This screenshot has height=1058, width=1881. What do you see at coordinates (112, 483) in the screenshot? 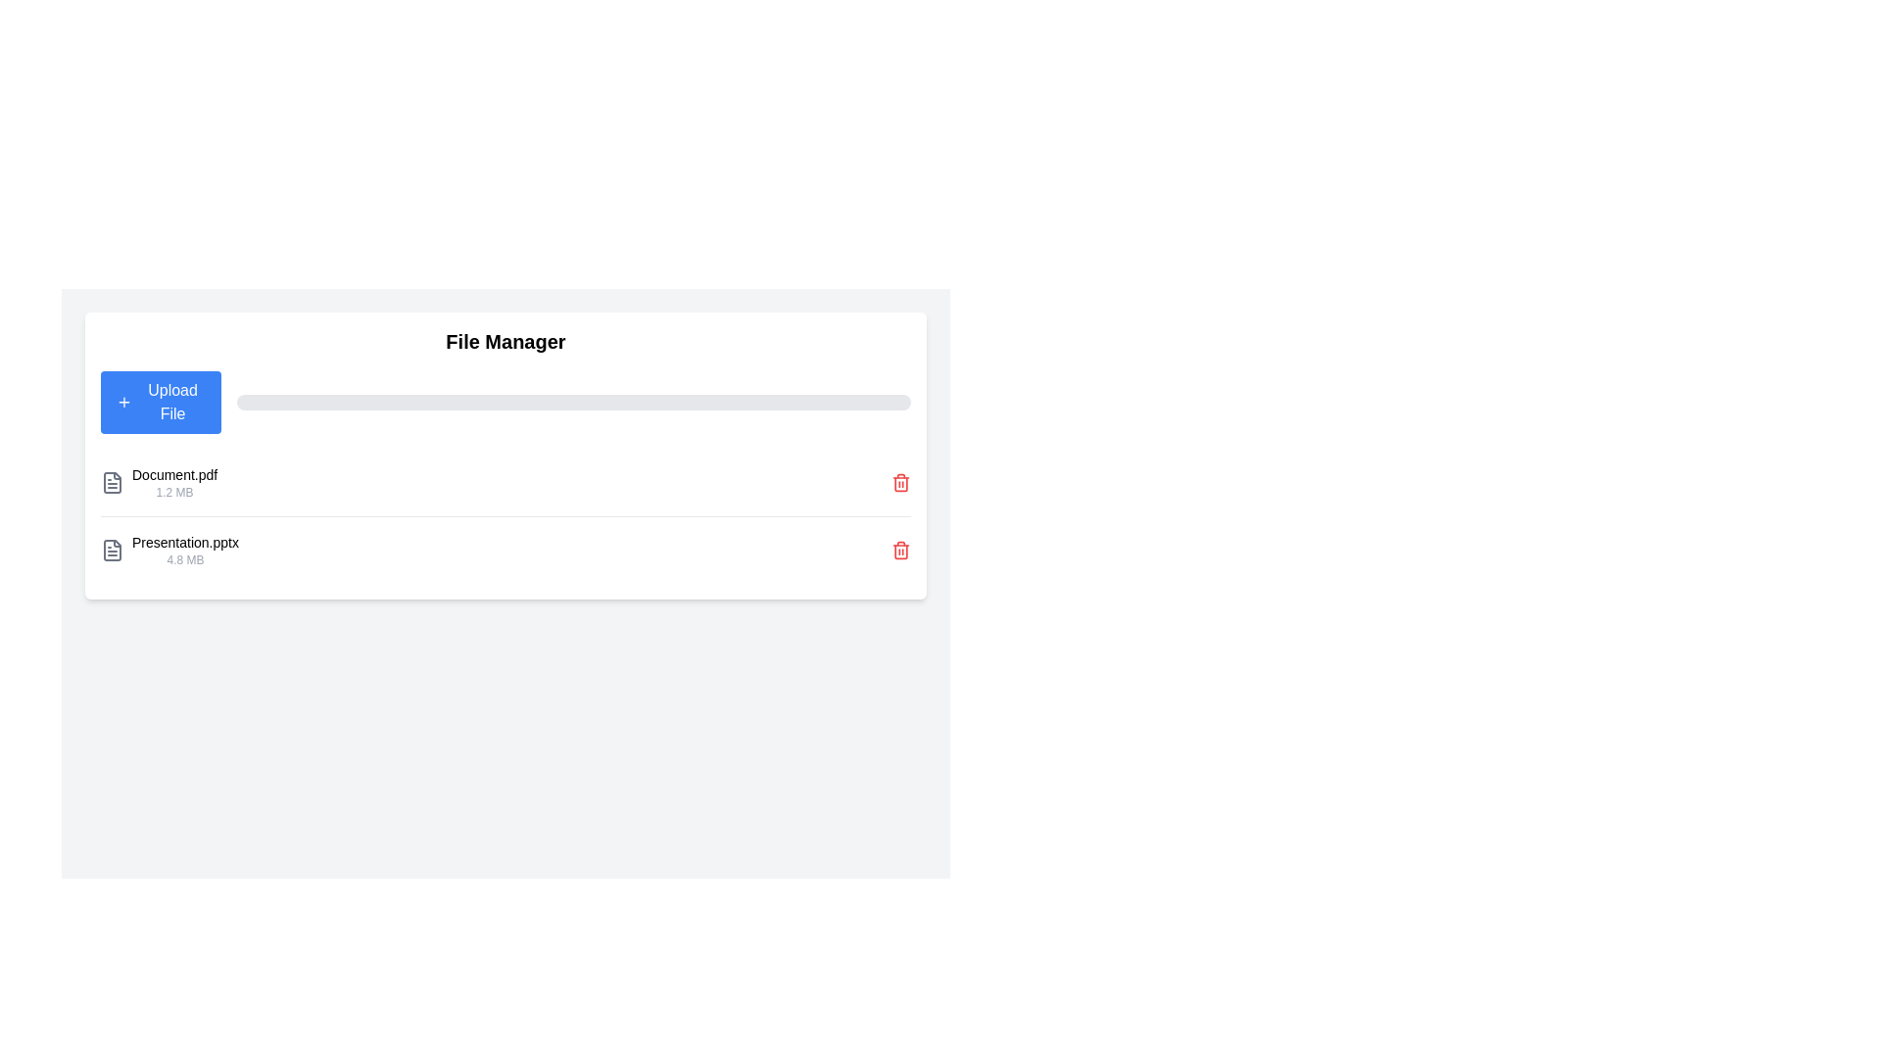
I see `the document shape of the file icon within the SVG component, which serves as part of the composite icon representing a file or document` at bounding box center [112, 483].